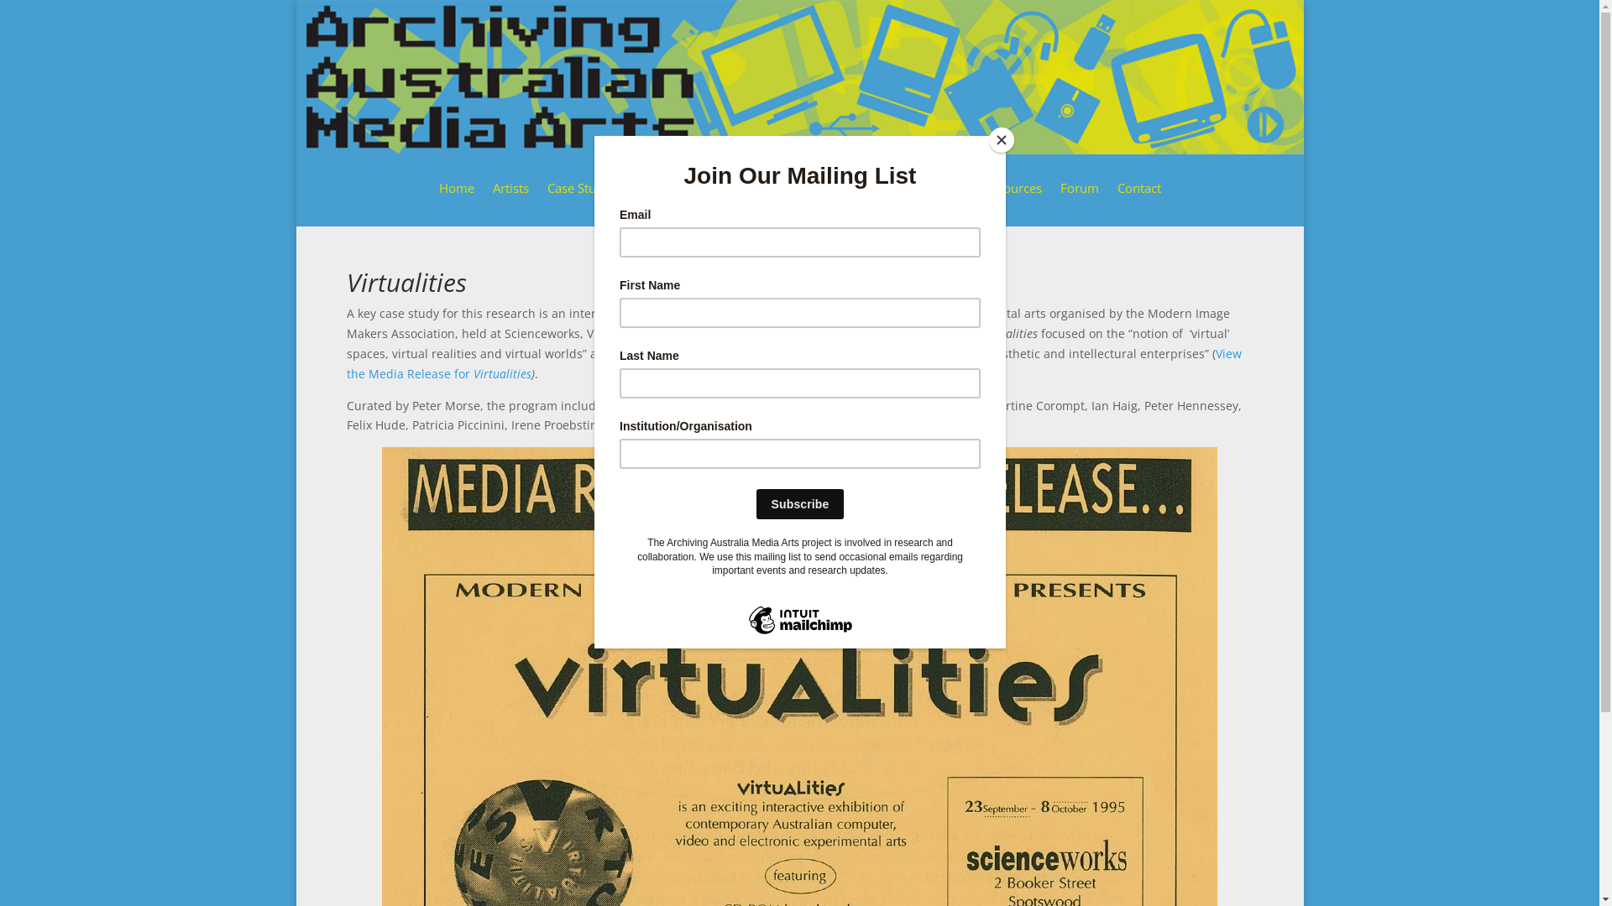  What do you see at coordinates (592, 199) in the screenshot?
I see `'Case Studies'` at bounding box center [592, 199].